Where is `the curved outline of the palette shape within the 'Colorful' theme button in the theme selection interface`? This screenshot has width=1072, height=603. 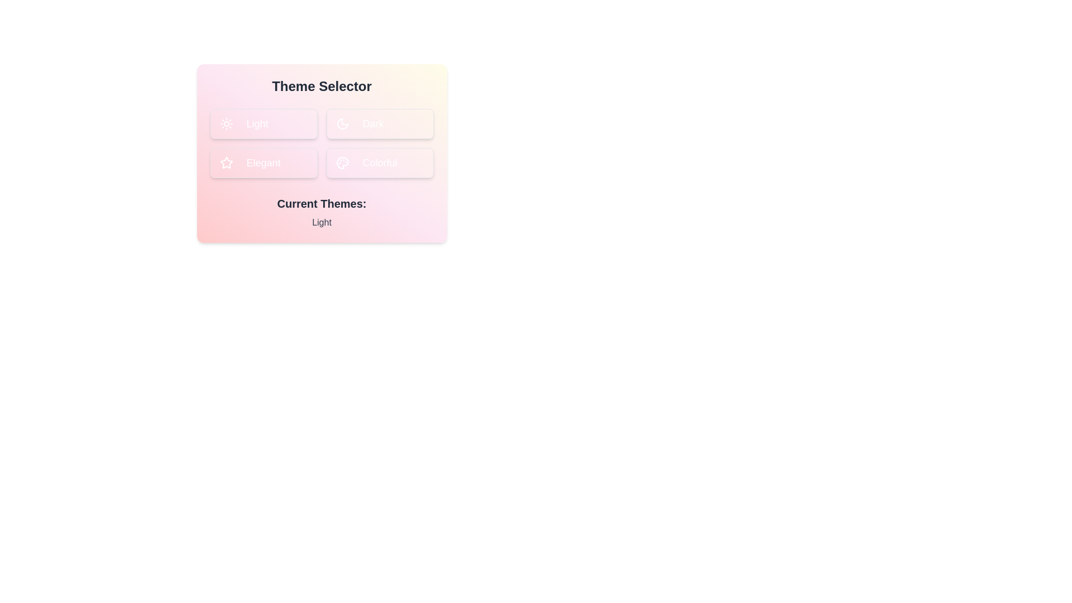 the curved outline of the palette shape within the 'Colorful' theme button in the theme selection interface is located at coordinates (342, 163).